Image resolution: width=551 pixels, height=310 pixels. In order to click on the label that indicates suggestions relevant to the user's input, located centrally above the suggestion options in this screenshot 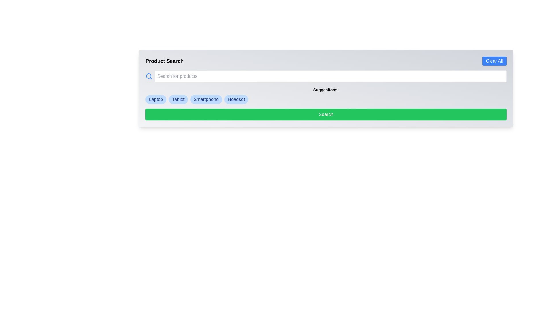, I will do `click(326, 90)`.